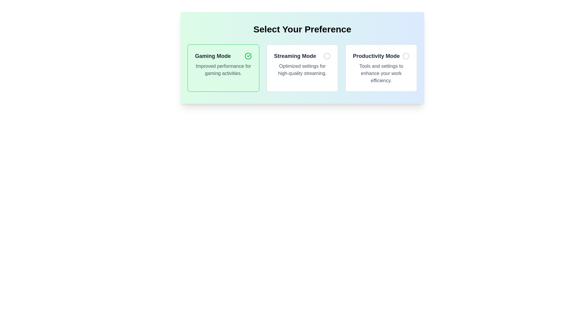 This screenshot has width=577, height=324. What do you see at coordinates (302, 69) in the screenshot?
I see `the text element displaying 'Optimized settings for high-quality streaming.' positioned below 'Streaming Mode.'` at bounding box center [302, 69].